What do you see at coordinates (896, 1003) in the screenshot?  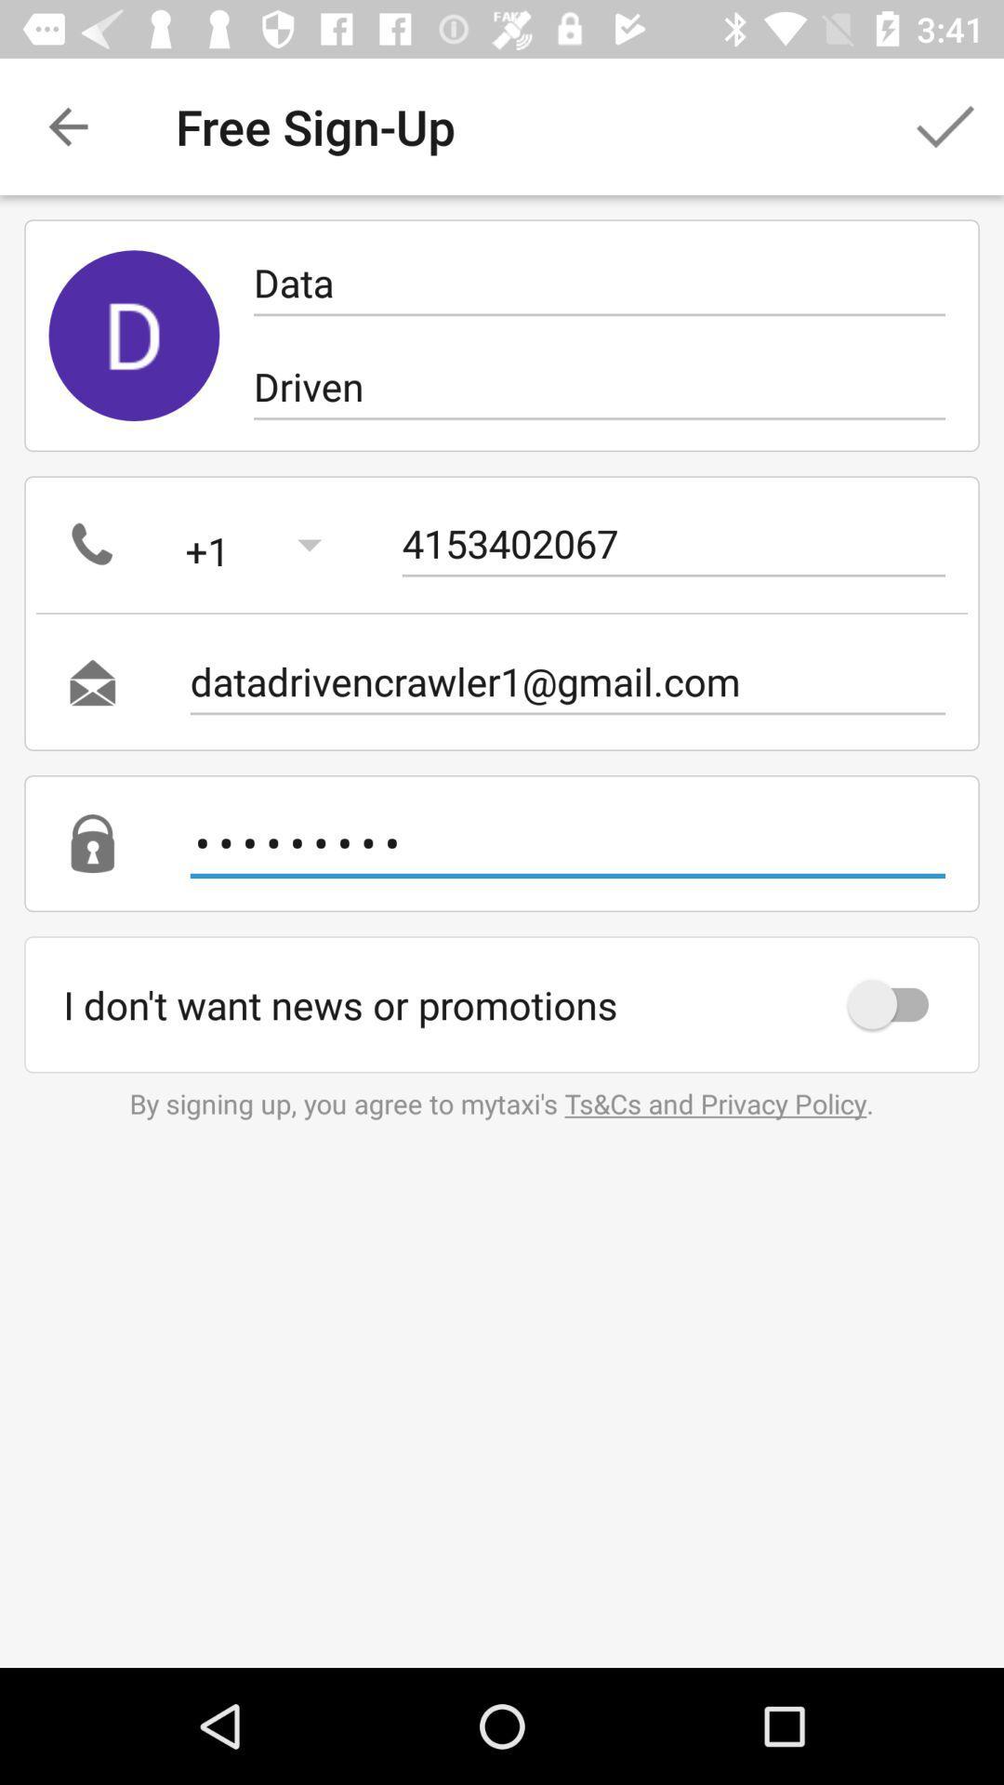 I see `icon on the right` at bounding box center [896, 1003].